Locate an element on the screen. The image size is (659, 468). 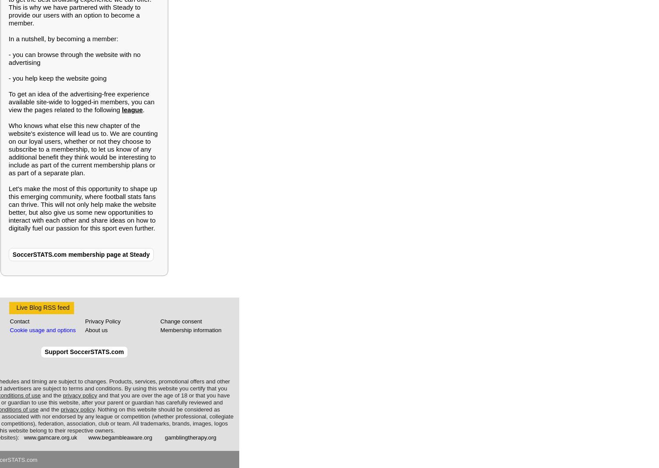
'About us' is located at coordinates (96, 330).